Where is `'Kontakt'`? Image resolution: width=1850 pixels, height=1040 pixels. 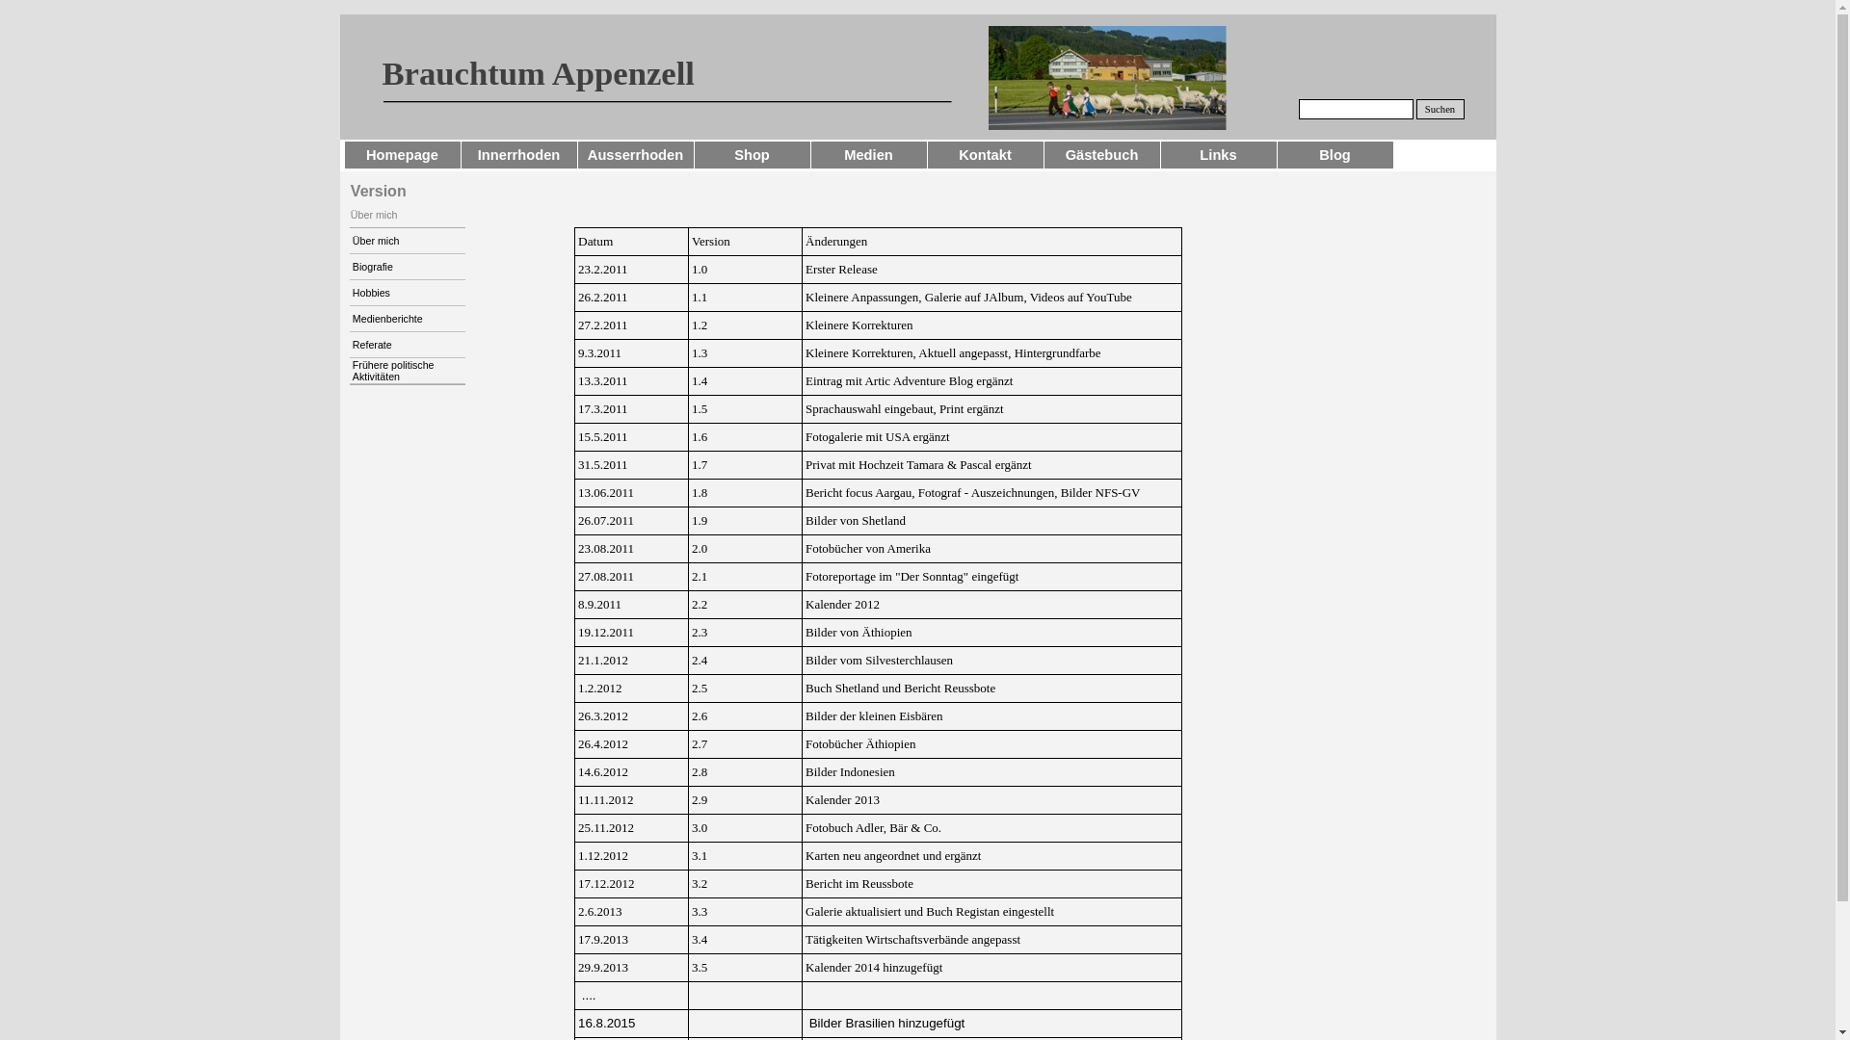
'Kontakt' is located at coordinates (985, 154).